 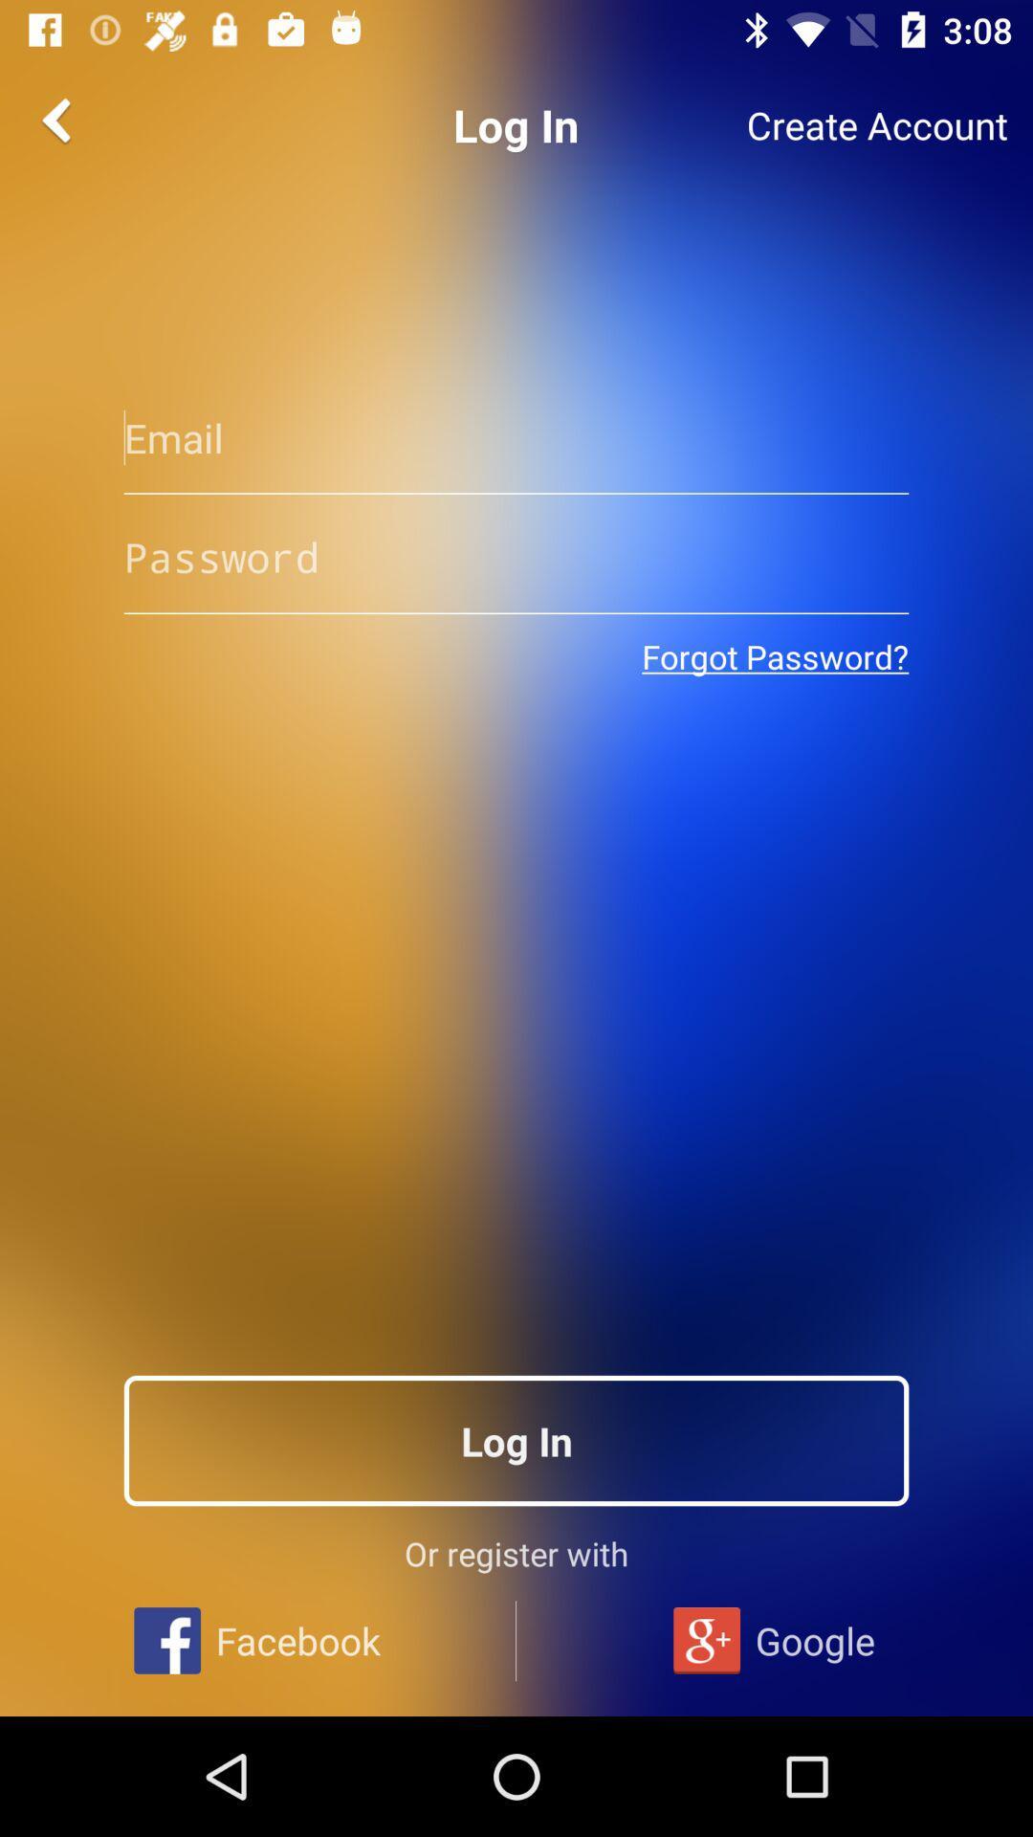 I want to click on the arrow_backward icon, so click(x=58, y=119).